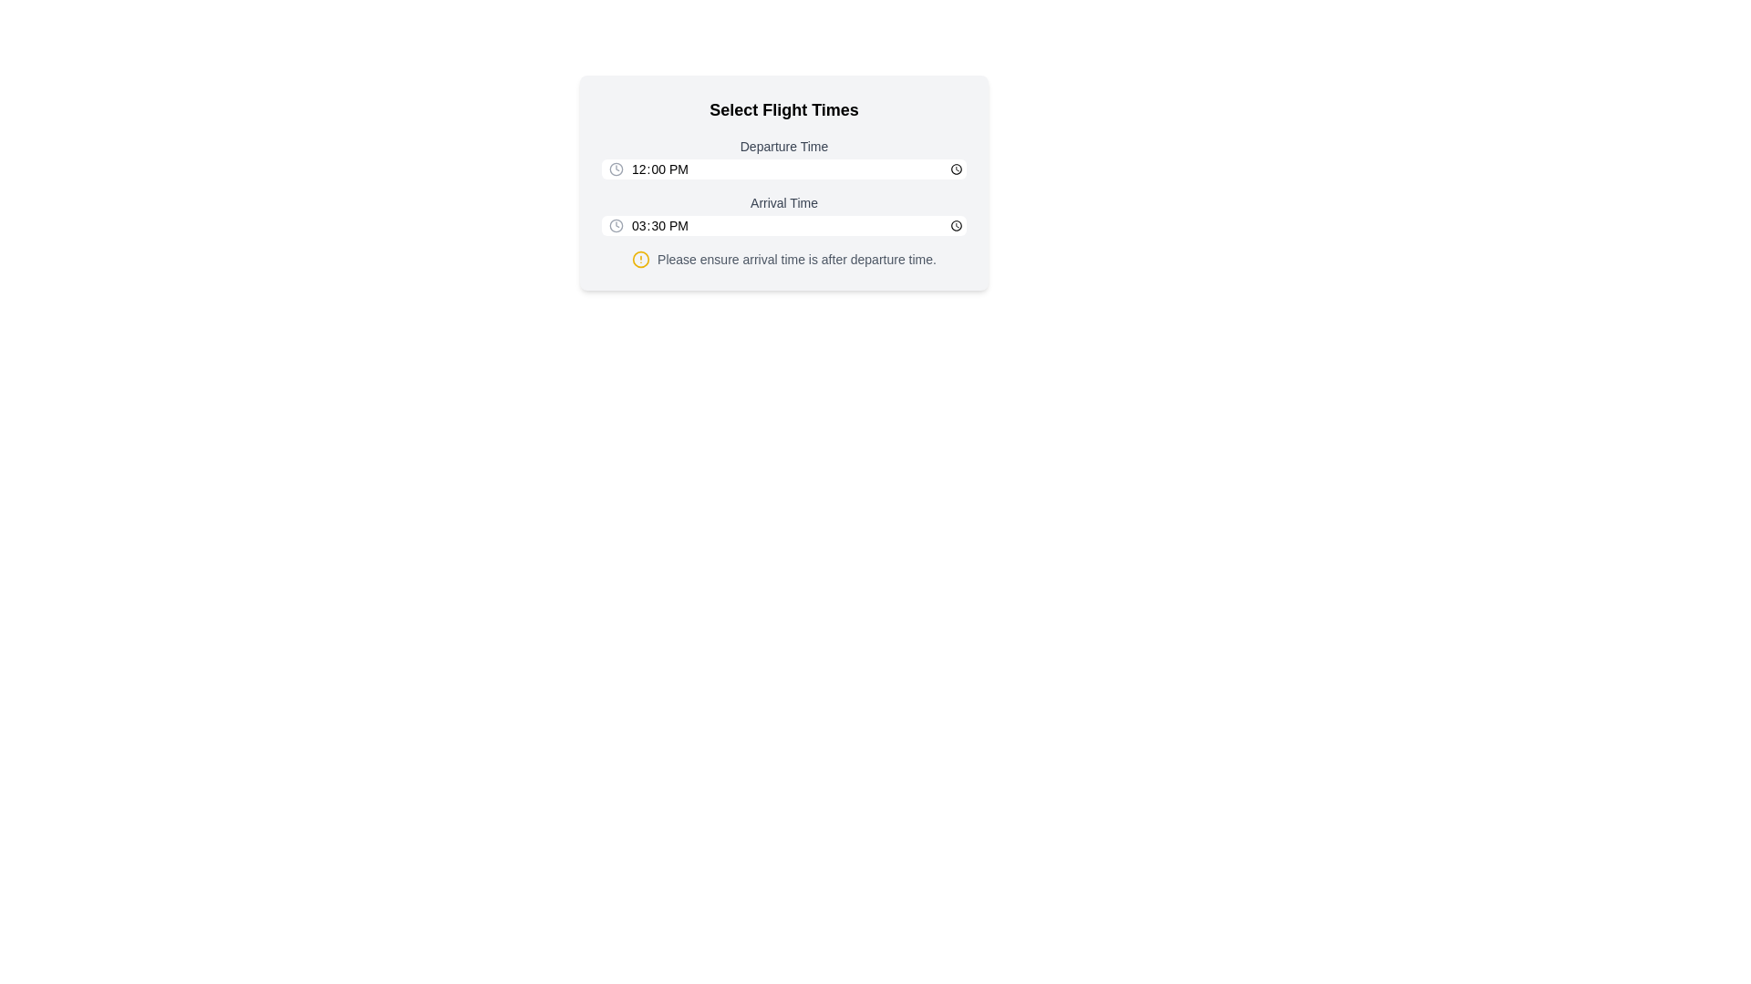 The image size is (1751, 984). Describe the element at coordinates (783, 146) in the screenshot. I see `the label indicating the purpose of the input field for 'Departure Time', which is located at the top-center above the associated icon and text input field` at that location.